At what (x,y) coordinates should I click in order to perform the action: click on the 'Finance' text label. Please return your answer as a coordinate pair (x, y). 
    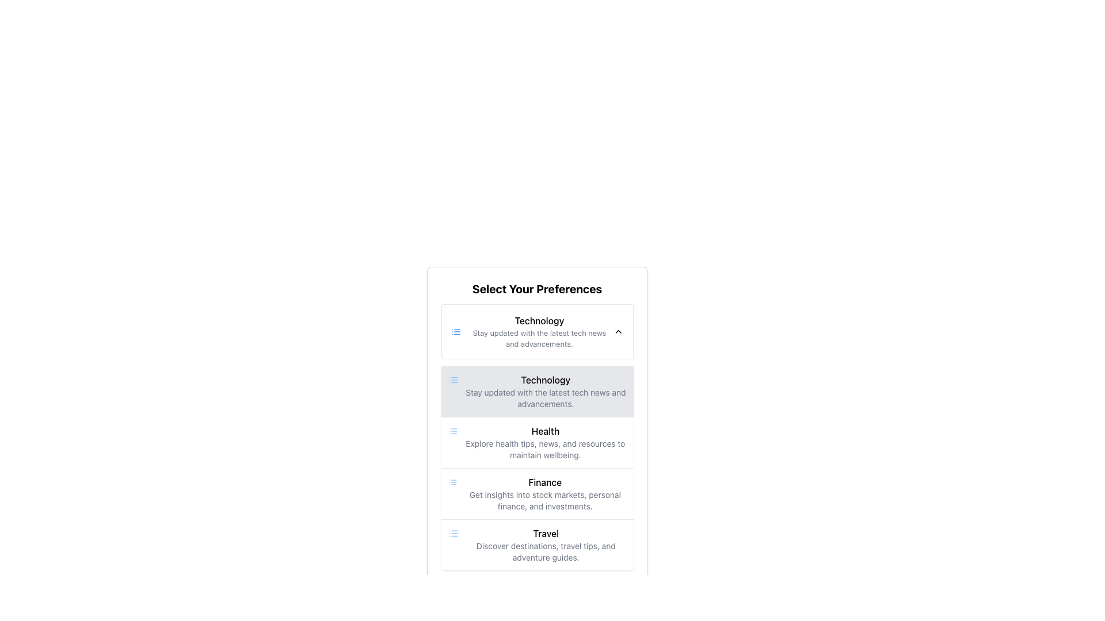
    Looking at the image, I should click on (544, 482).